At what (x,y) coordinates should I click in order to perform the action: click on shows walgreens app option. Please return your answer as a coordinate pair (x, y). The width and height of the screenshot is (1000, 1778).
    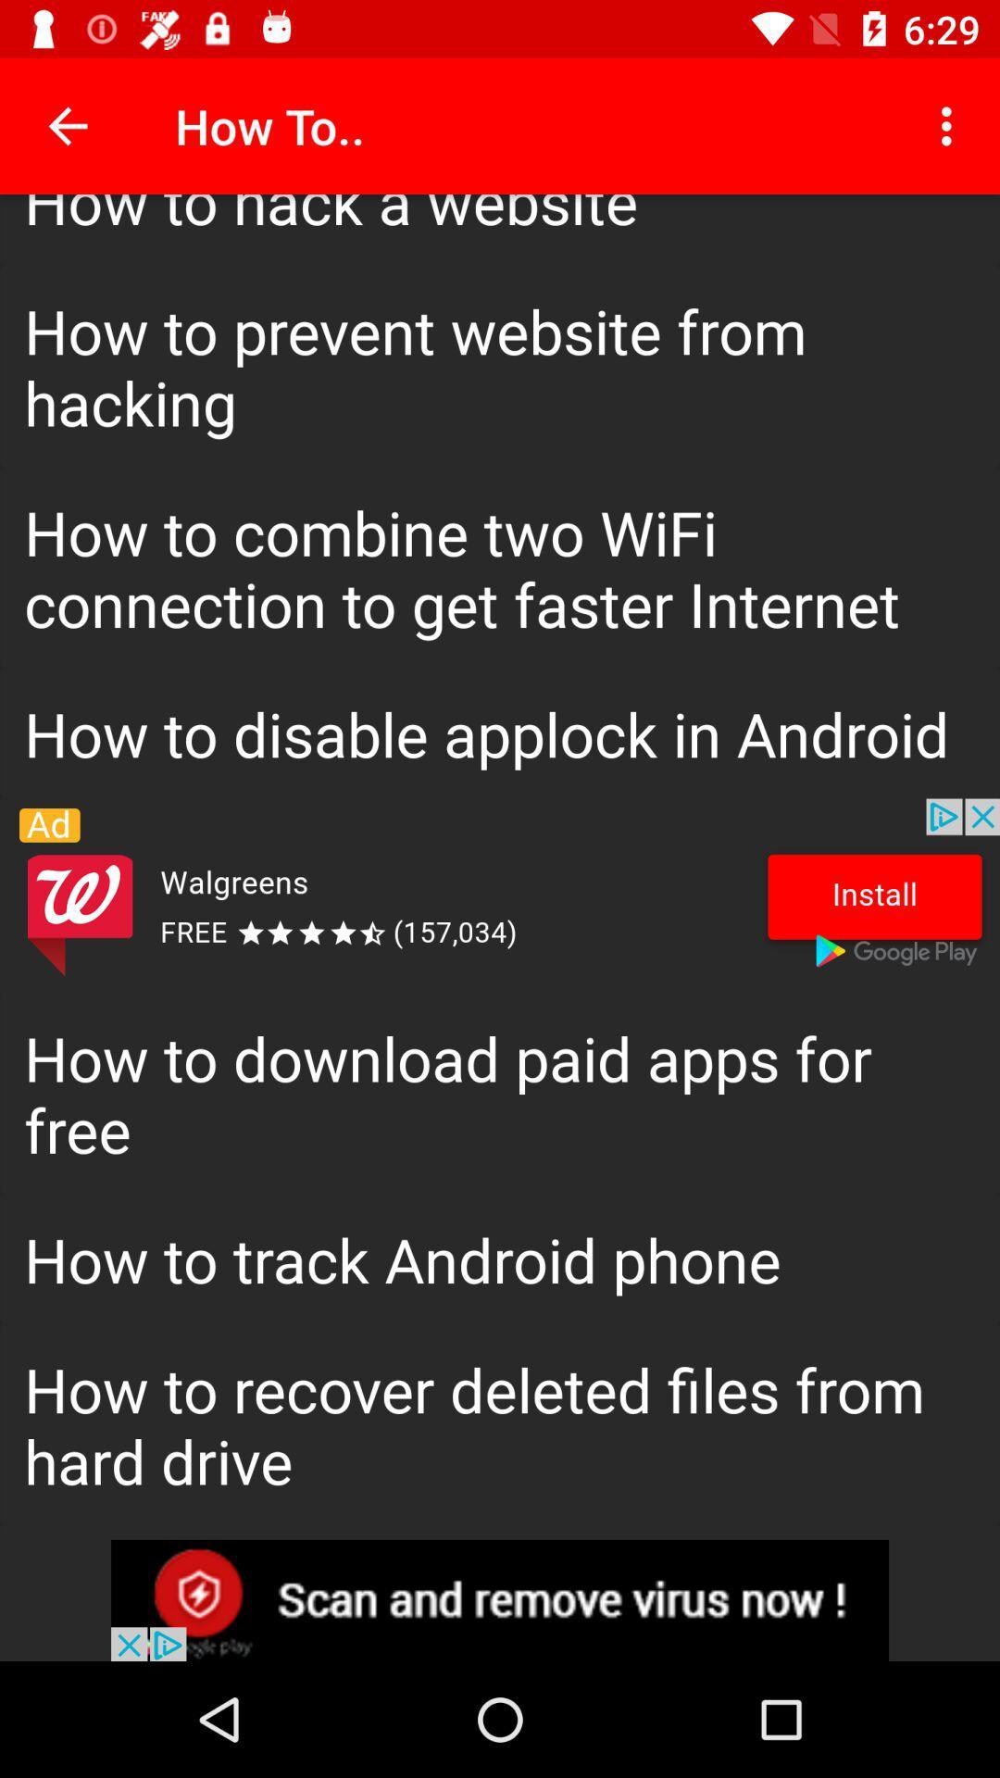
    Looking at the image, I should click on (500, 895).